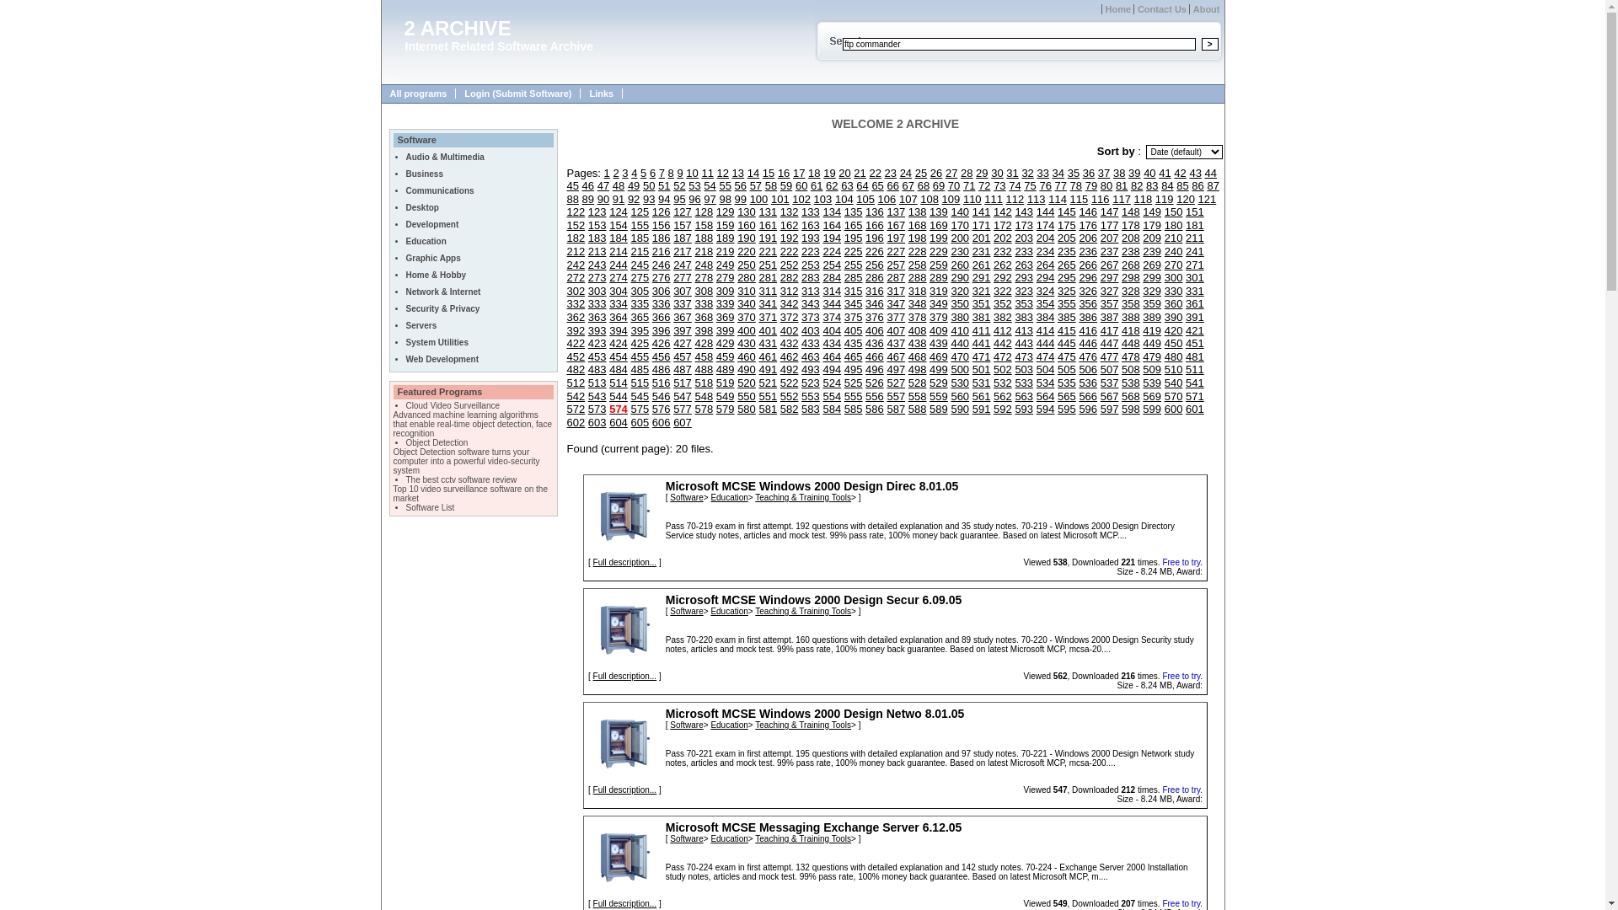 This screenshot has width=1618, height=910. Describe the element at coordinates (929, 211) in the screenshot. I see `'139'` at that location.